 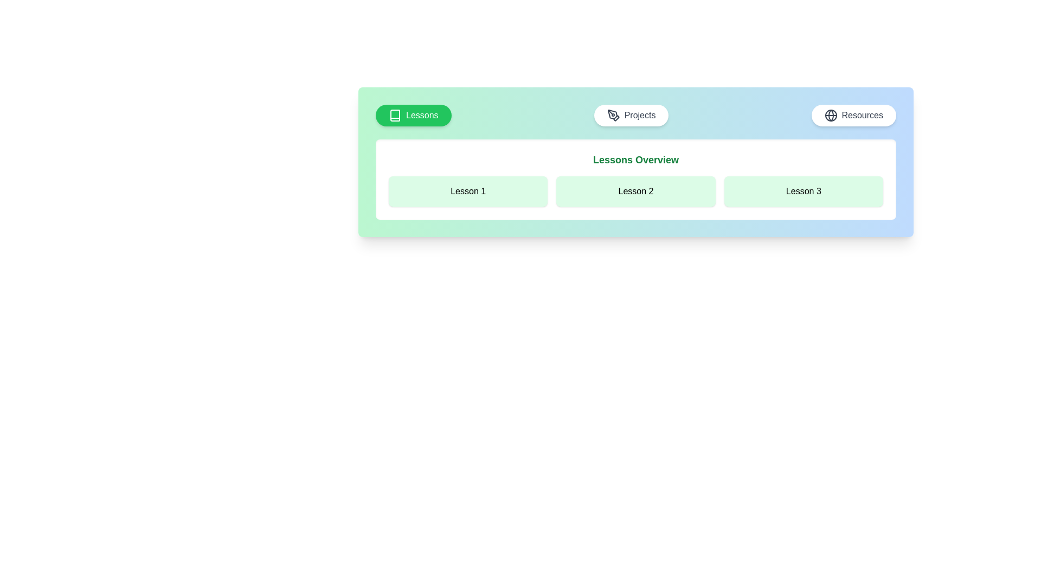 What do you see at coordinates (830, 115) in the screenshot?
I see `the globe icon within the 'Resources' button` at bounding box center [830, 115].